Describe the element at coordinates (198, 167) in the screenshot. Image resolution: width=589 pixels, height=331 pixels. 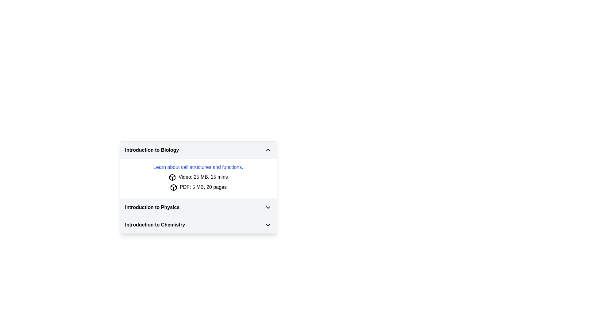
I see `the 'Introduction to Biology' text label that serves as the title for the educational content about cell structures and functions` at that location.